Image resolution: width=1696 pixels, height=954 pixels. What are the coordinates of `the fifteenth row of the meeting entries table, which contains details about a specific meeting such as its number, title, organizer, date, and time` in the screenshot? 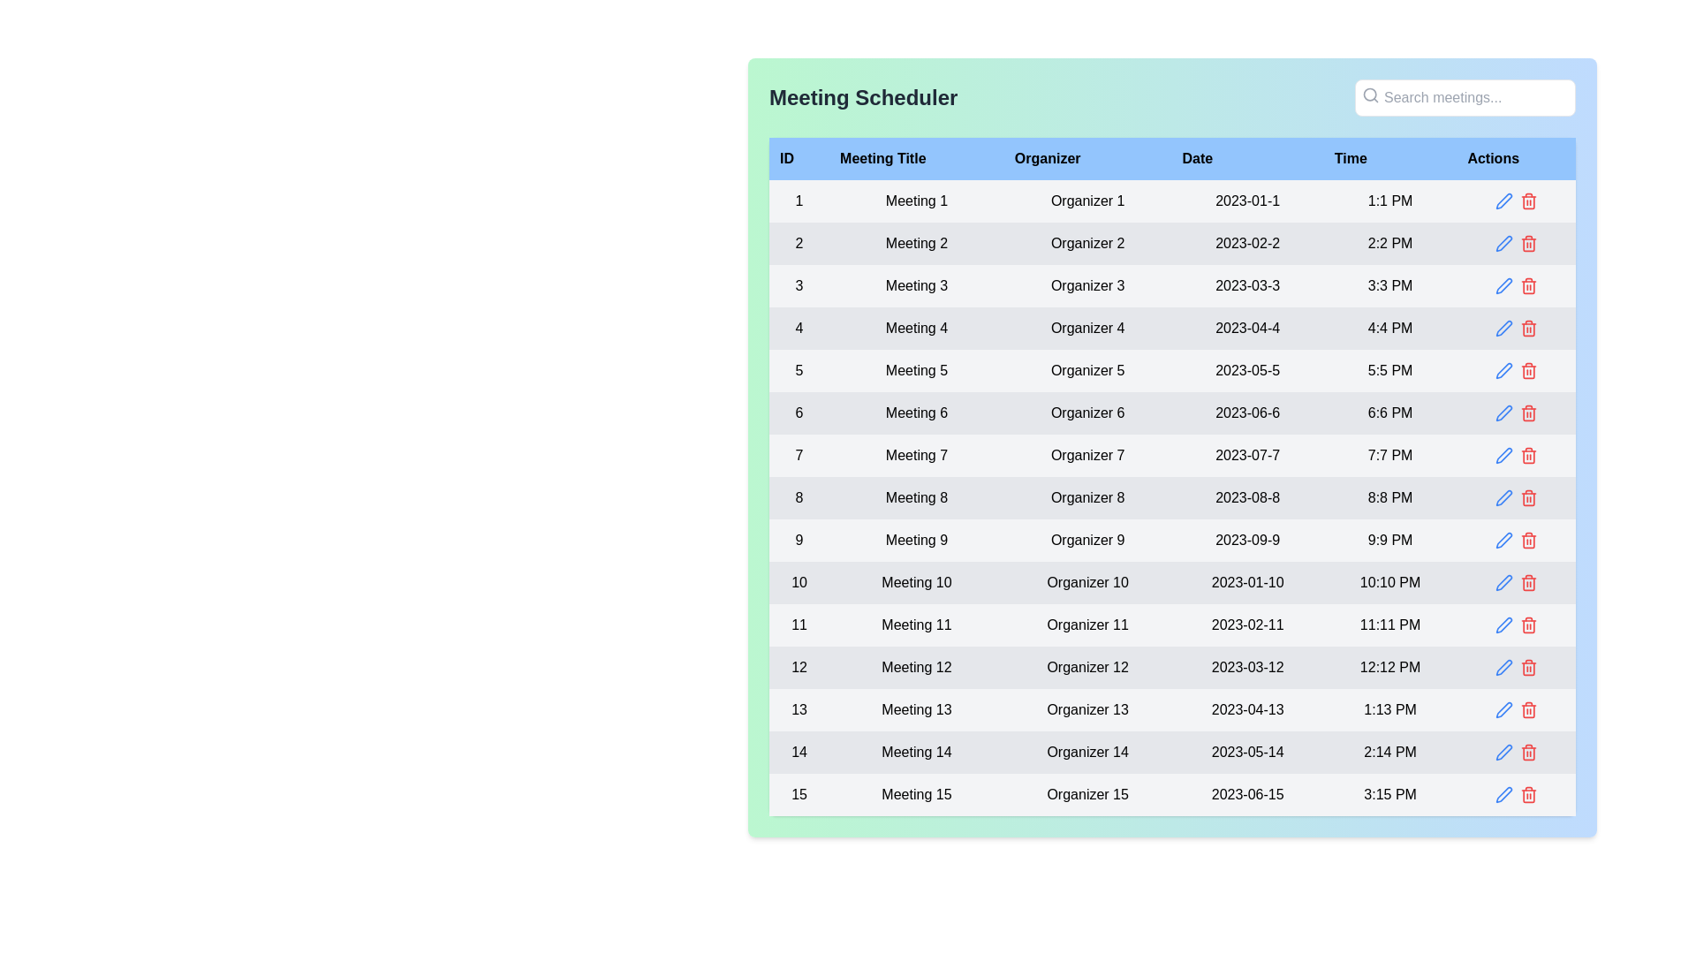 It's located at (1172, 793).